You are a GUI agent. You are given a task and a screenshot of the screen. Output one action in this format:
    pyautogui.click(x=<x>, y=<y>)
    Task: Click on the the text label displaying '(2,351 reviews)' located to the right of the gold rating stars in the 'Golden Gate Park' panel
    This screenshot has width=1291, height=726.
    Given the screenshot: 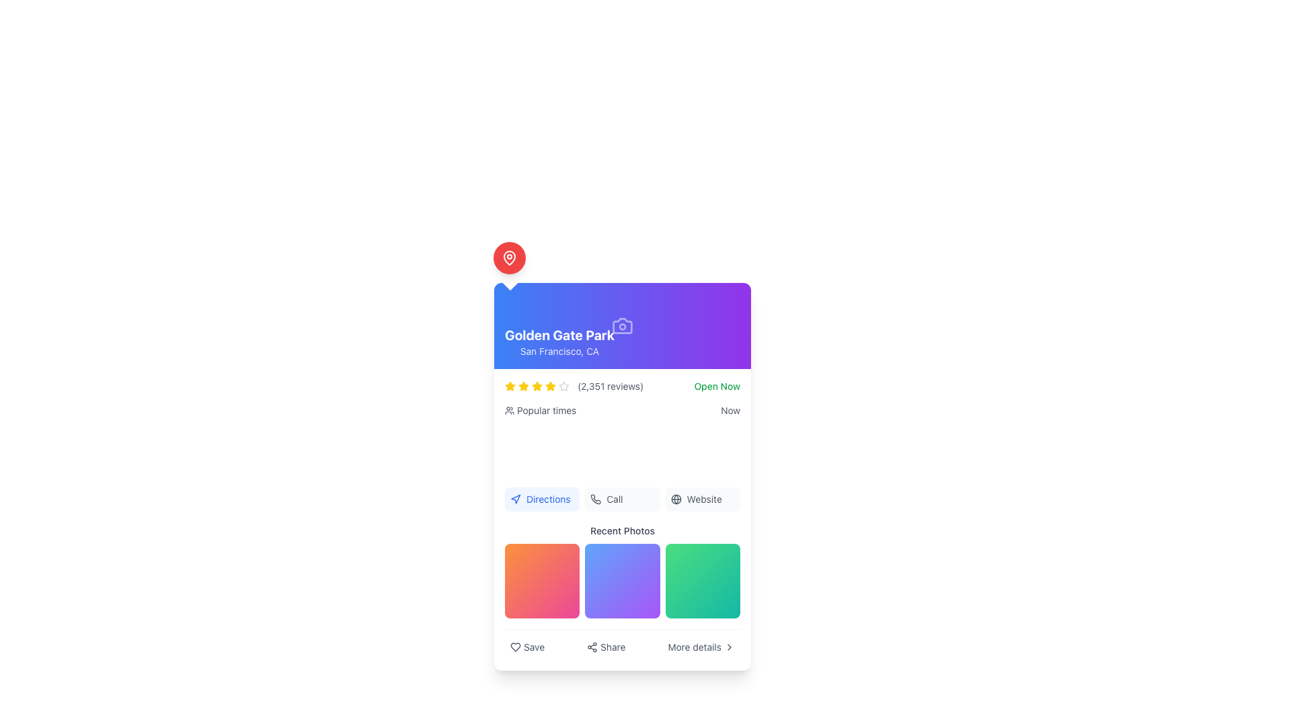 What is the action you would take?
    pyautogui.click(x=610, y=386)
    